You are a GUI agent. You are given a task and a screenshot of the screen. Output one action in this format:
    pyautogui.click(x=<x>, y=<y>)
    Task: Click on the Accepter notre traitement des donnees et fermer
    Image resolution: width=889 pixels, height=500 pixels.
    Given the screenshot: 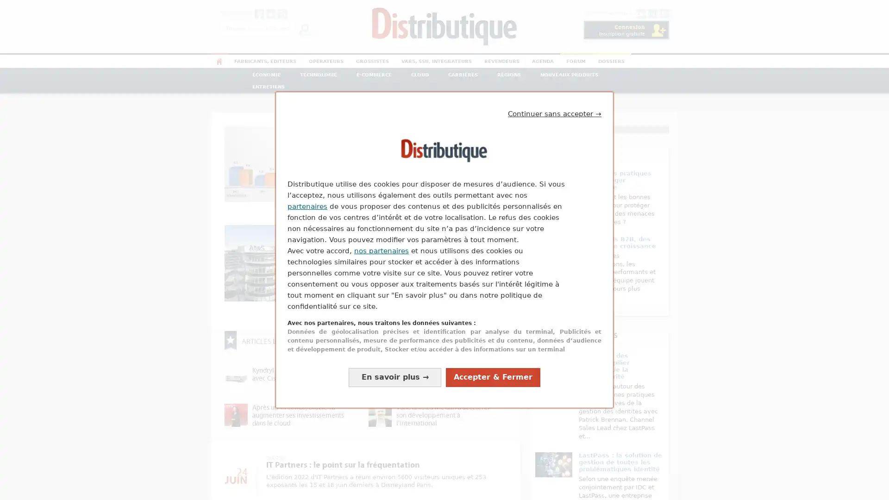 What is the action you would take?
    pyautogui.click(x=493, y=377)
    